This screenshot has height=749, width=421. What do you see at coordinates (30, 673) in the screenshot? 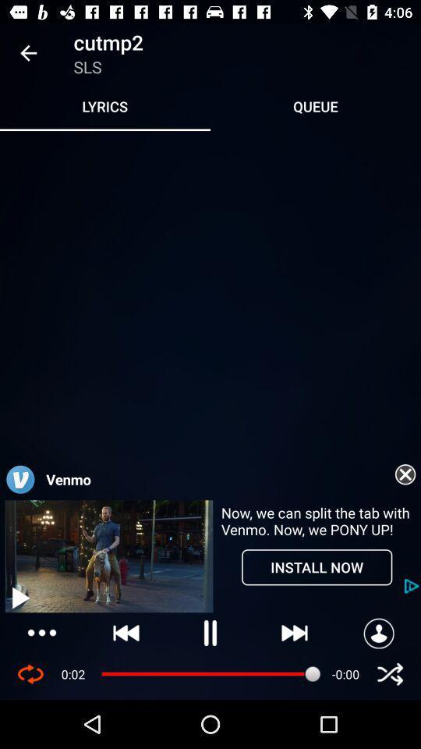
I see `the refresh icon` at bounding box center [30, 673].